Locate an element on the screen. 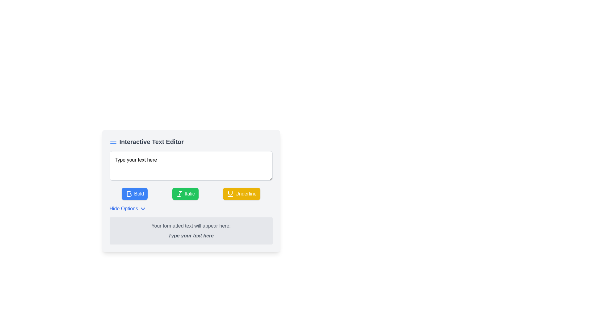 The width and height of the screenshot is (593, 333). the static informational label that indicates where the formatted text output will be displayed, located above the emphasized text segment reading 'Type your text here.' is located at coordinates (191, 226).